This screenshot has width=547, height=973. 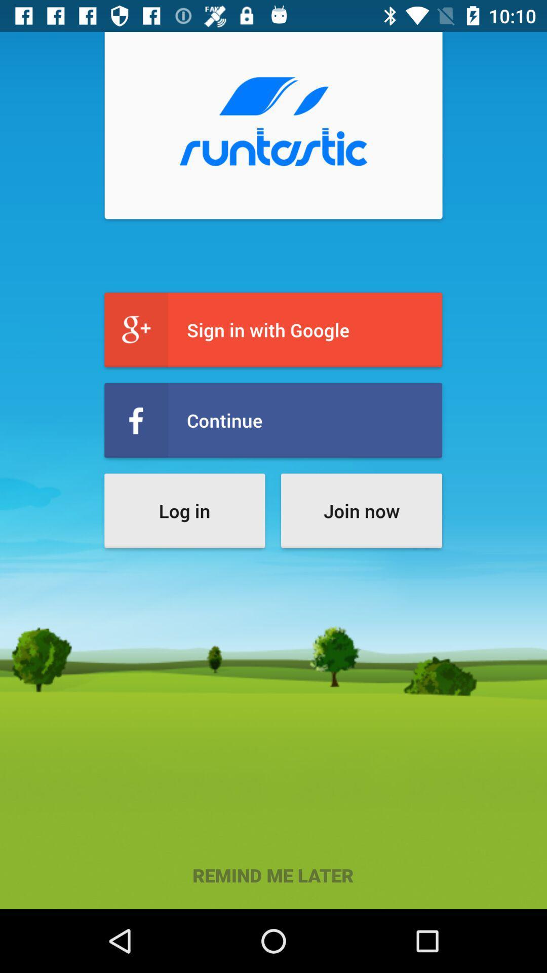 I want to click on the remind me later item, so click(x=272, y=875).